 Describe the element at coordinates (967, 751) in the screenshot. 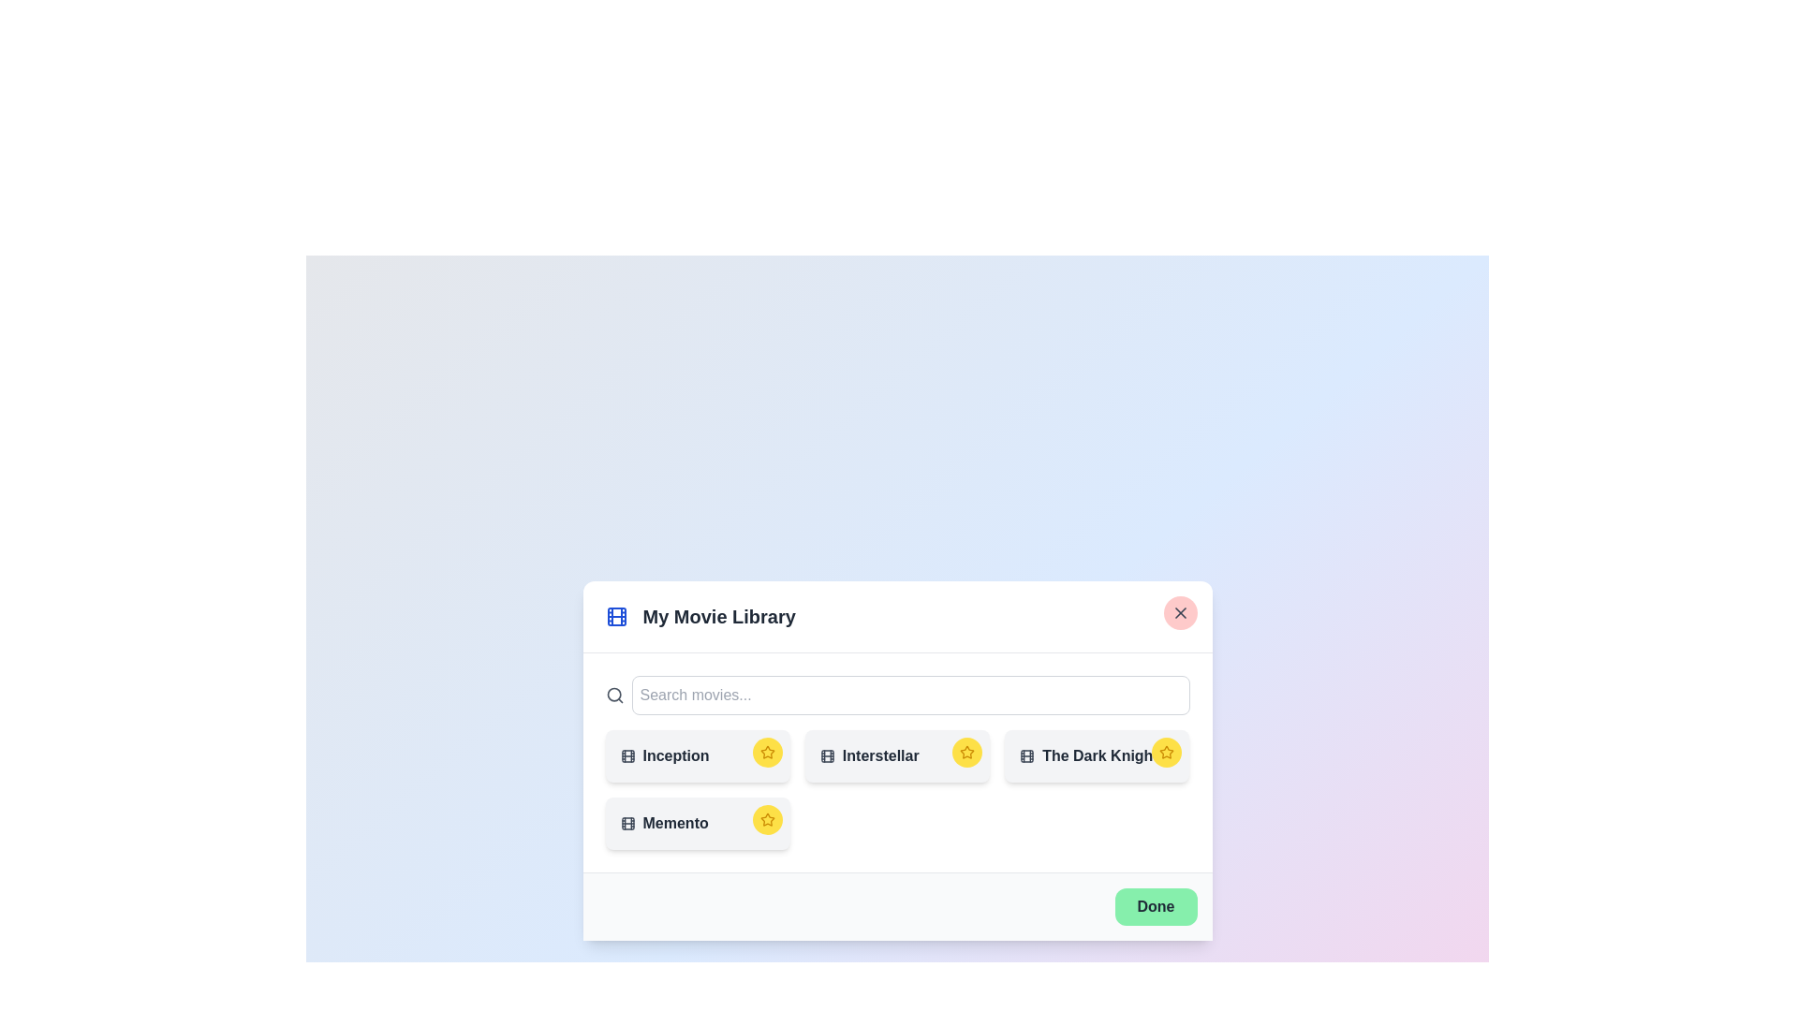

I see `the favorite icon located to the right of the 'Interstellar' text label in the movie list` at that location.